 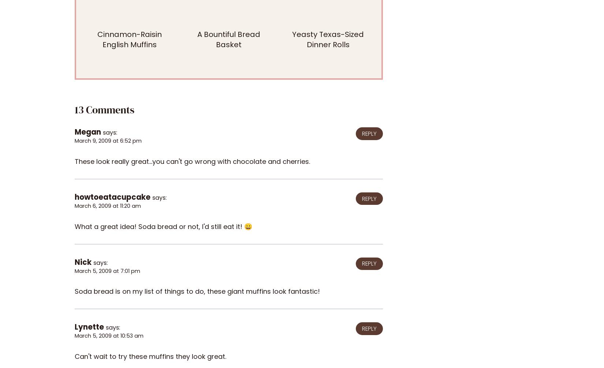 I want to click on 'These look really great...you can't go wrong with chocolate and cherries.', so click(x=192, y=161).